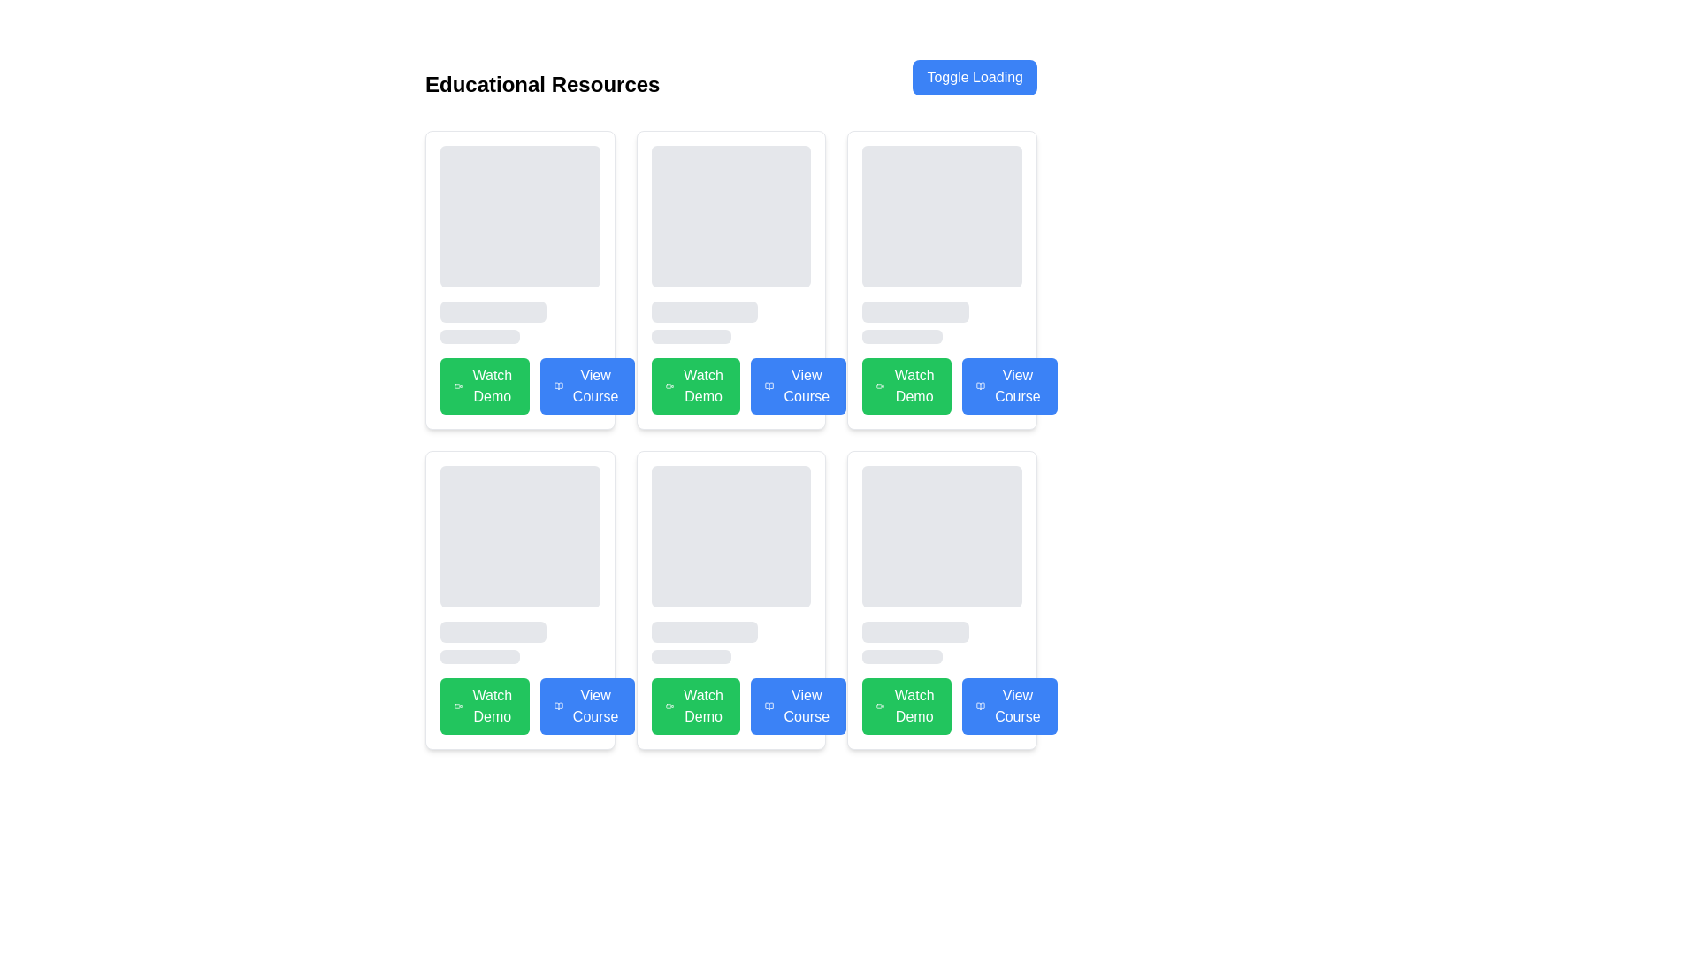 The image size is (1698, 955). What do you see at coordinates (458, 705) in the screenshot?
I see `the decorative video icon located to the left of the blue 'View Course' button in the 'Watch Demo' button at the bottom-left corner of the fourth item in the grid layout` at bounding box center [458, 705].